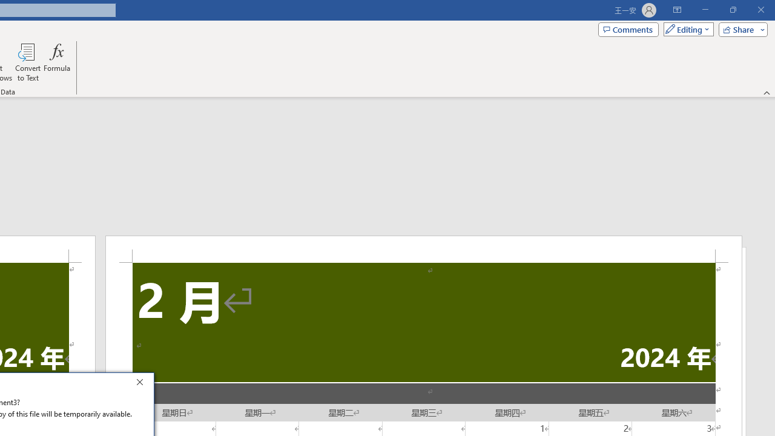 The height and width of the screenshot is (436, 775). I want to click on 'Collapse the Ribbon', so click(767, 92).